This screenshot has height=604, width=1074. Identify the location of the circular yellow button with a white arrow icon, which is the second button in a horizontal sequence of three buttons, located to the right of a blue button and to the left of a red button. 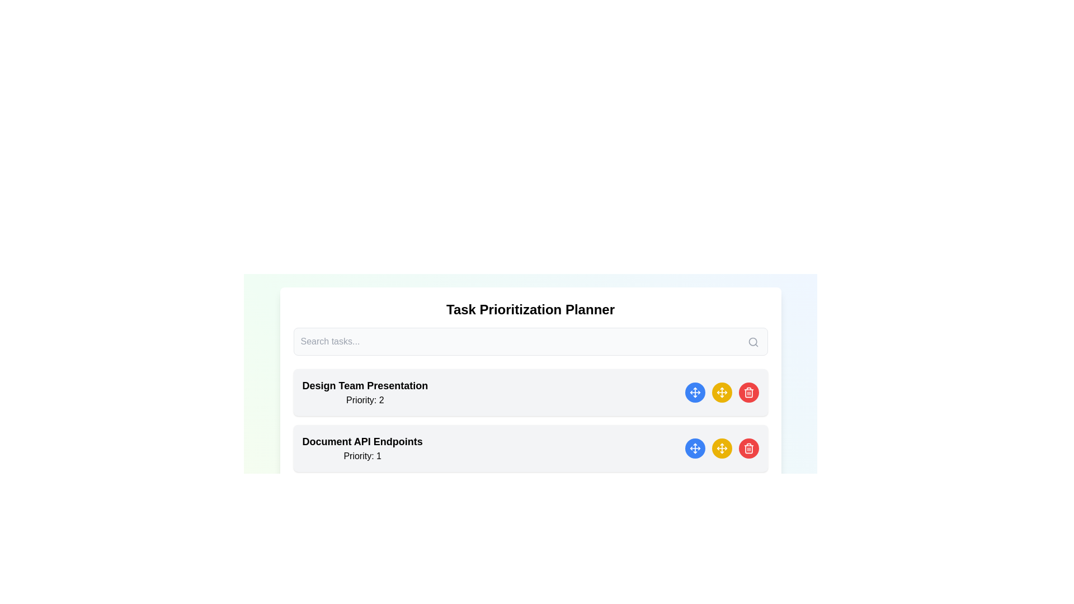
(722, 392).